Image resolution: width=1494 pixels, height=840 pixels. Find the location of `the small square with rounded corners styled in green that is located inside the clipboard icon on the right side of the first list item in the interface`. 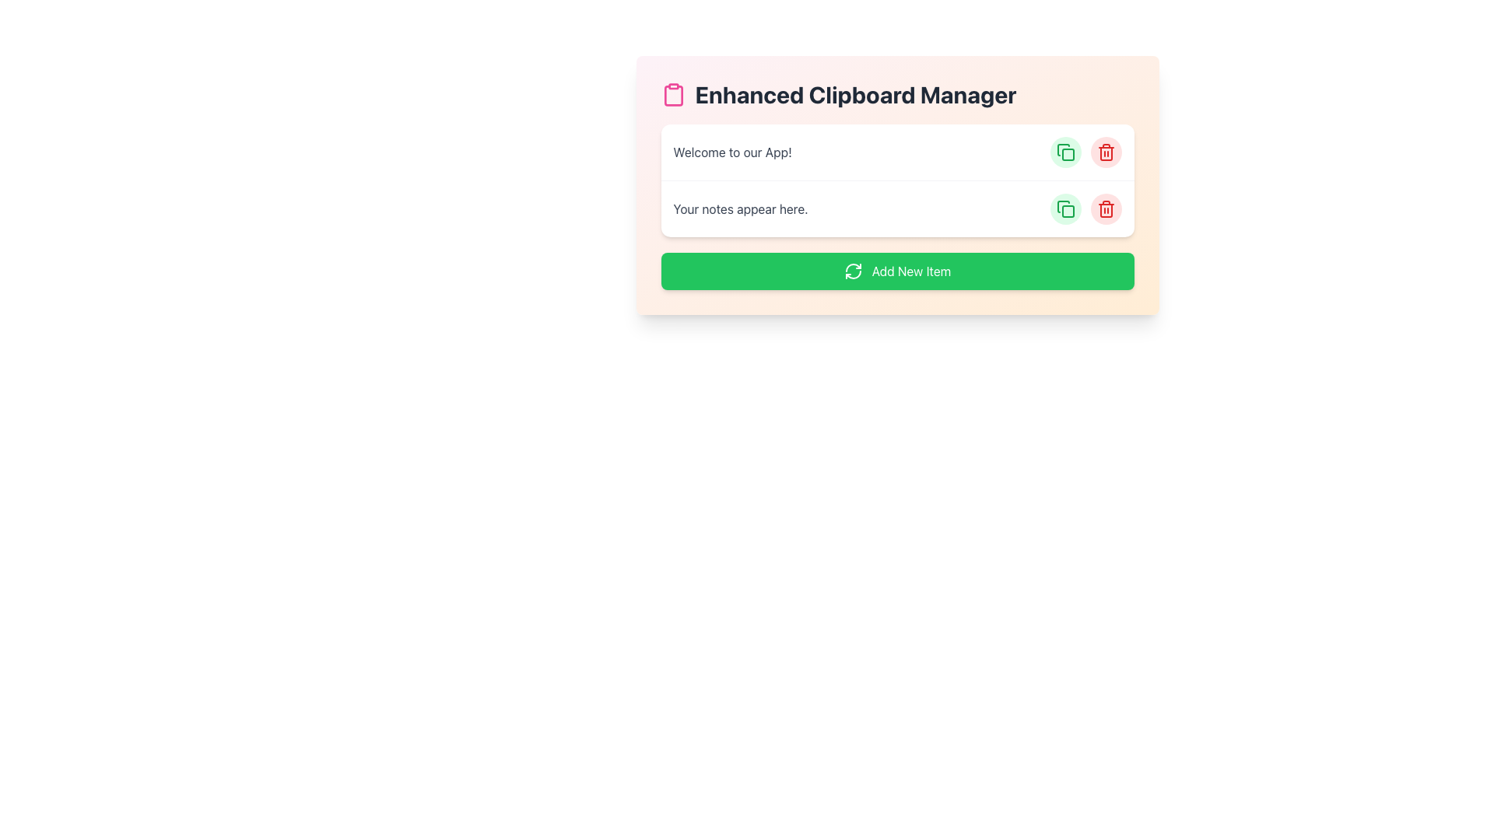

the small square with rounded corners styled in green that is located inside the clipboard icon on the right side of the first list item in the interface is located at coordinates (1067, 155).